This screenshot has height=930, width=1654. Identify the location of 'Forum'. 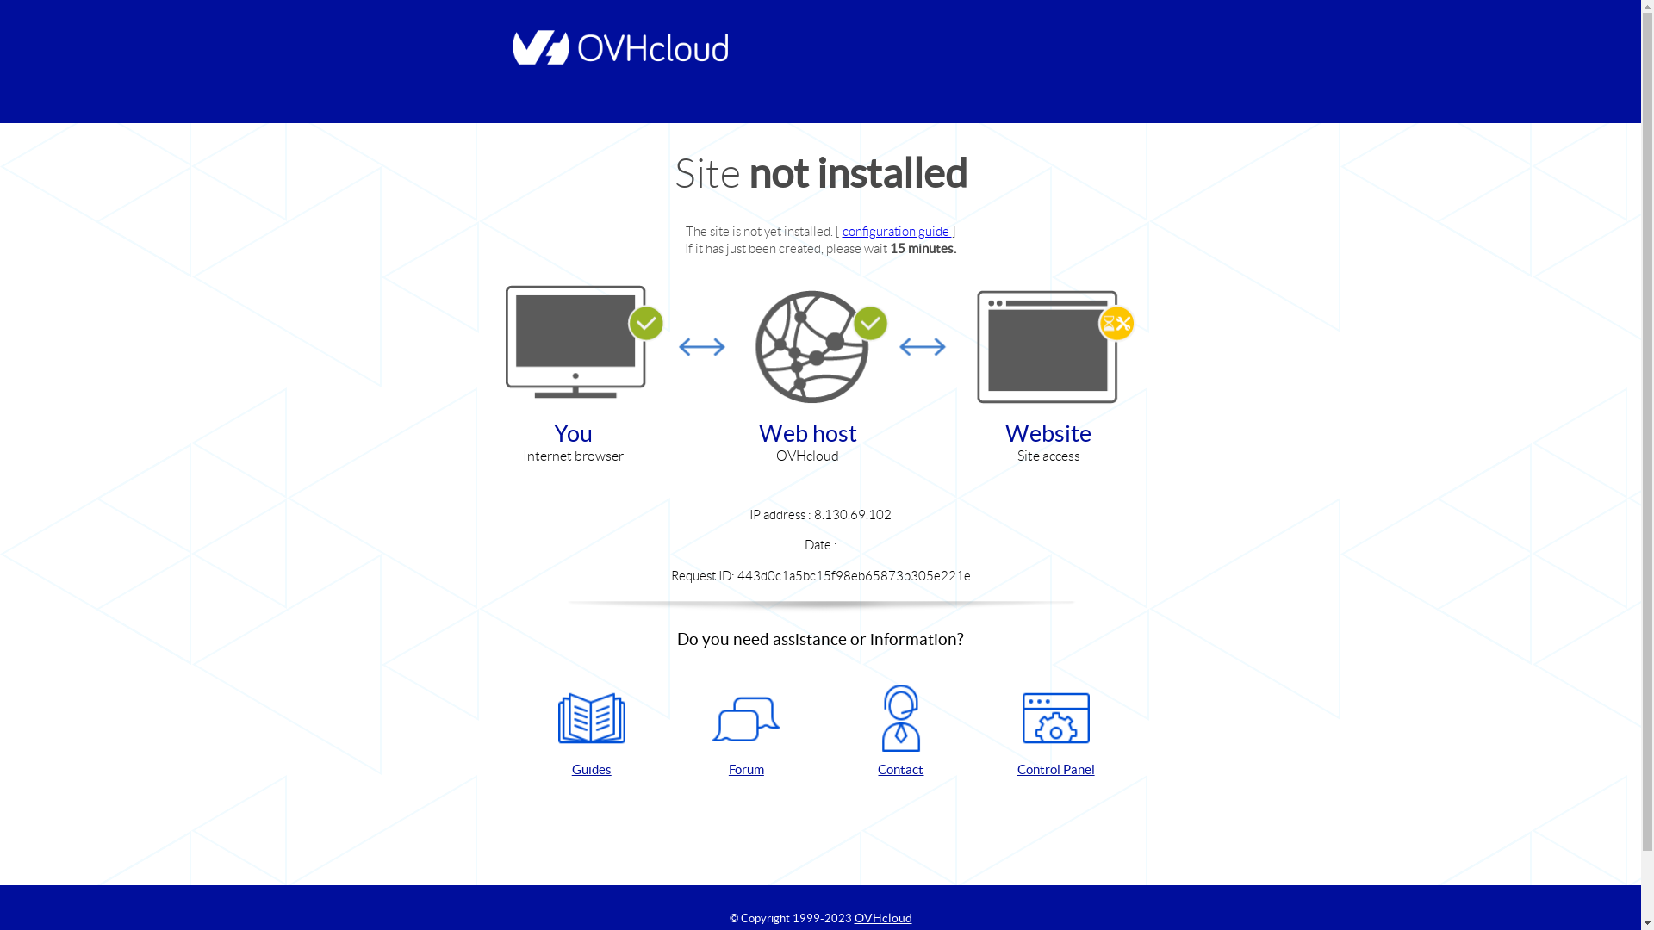
(745, 731).